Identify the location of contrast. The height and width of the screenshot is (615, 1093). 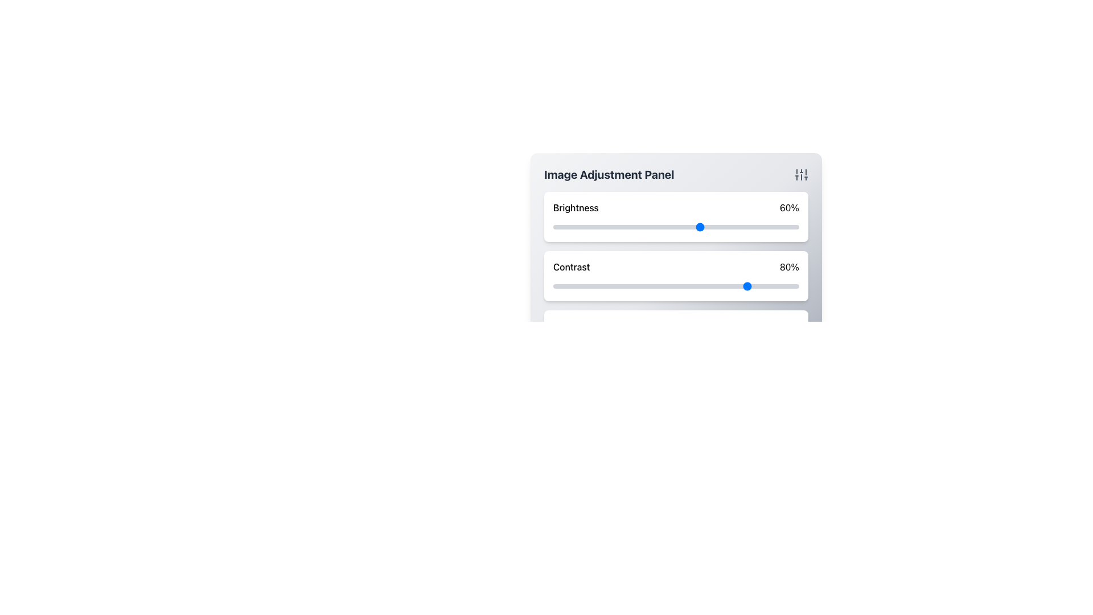
(619, 285).